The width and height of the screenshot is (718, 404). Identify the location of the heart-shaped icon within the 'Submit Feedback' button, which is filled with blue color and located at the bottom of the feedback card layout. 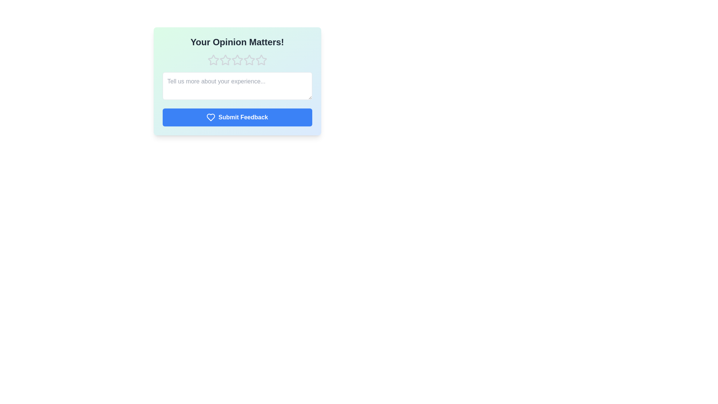
(211, 117).